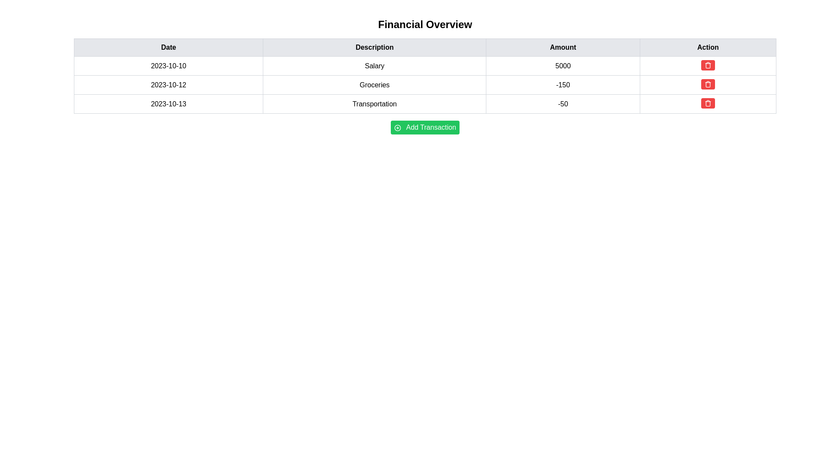  What do you see at coordinates (708, 103) in the screenshot?
I see `the trash bin icon located inside the red button in the 'Action' column of the third row (labeled '2023-10-13')` at bounding box center [708, 103].